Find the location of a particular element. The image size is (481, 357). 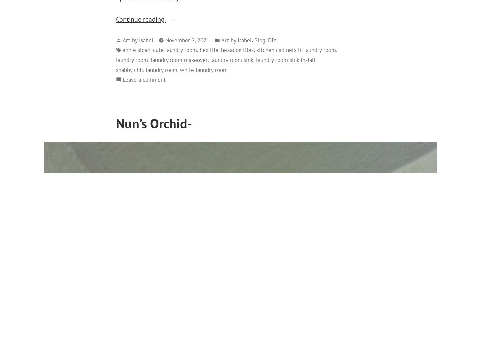

'white laundry room' is located at coordinates (180, 69).